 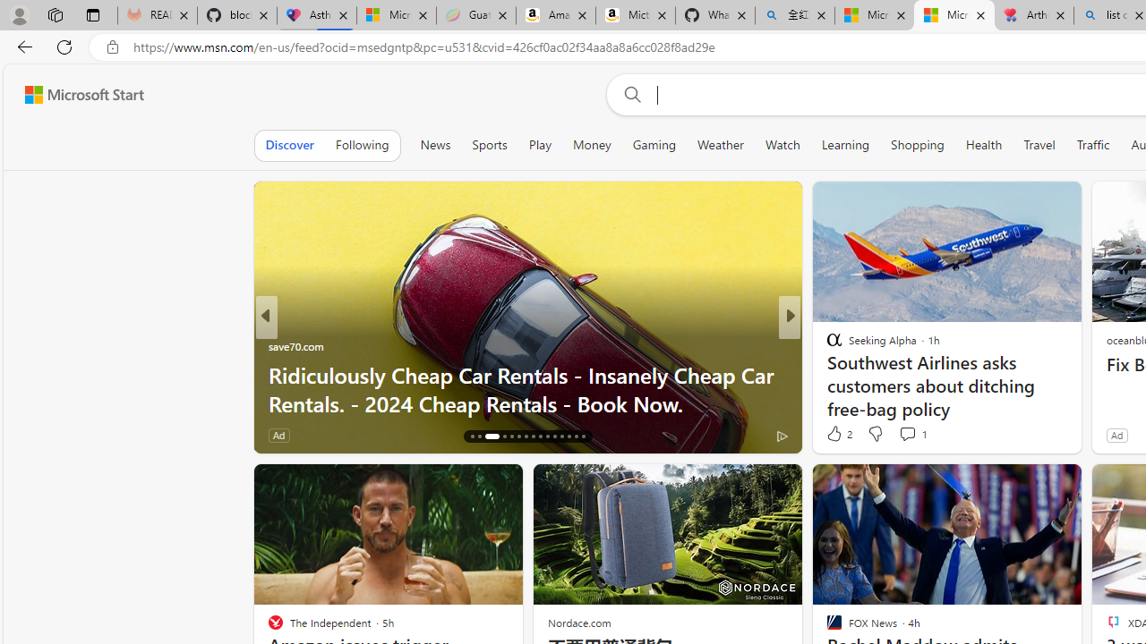 I want to click on 'AutomationID: tab-17', so click(x=479, y=436).